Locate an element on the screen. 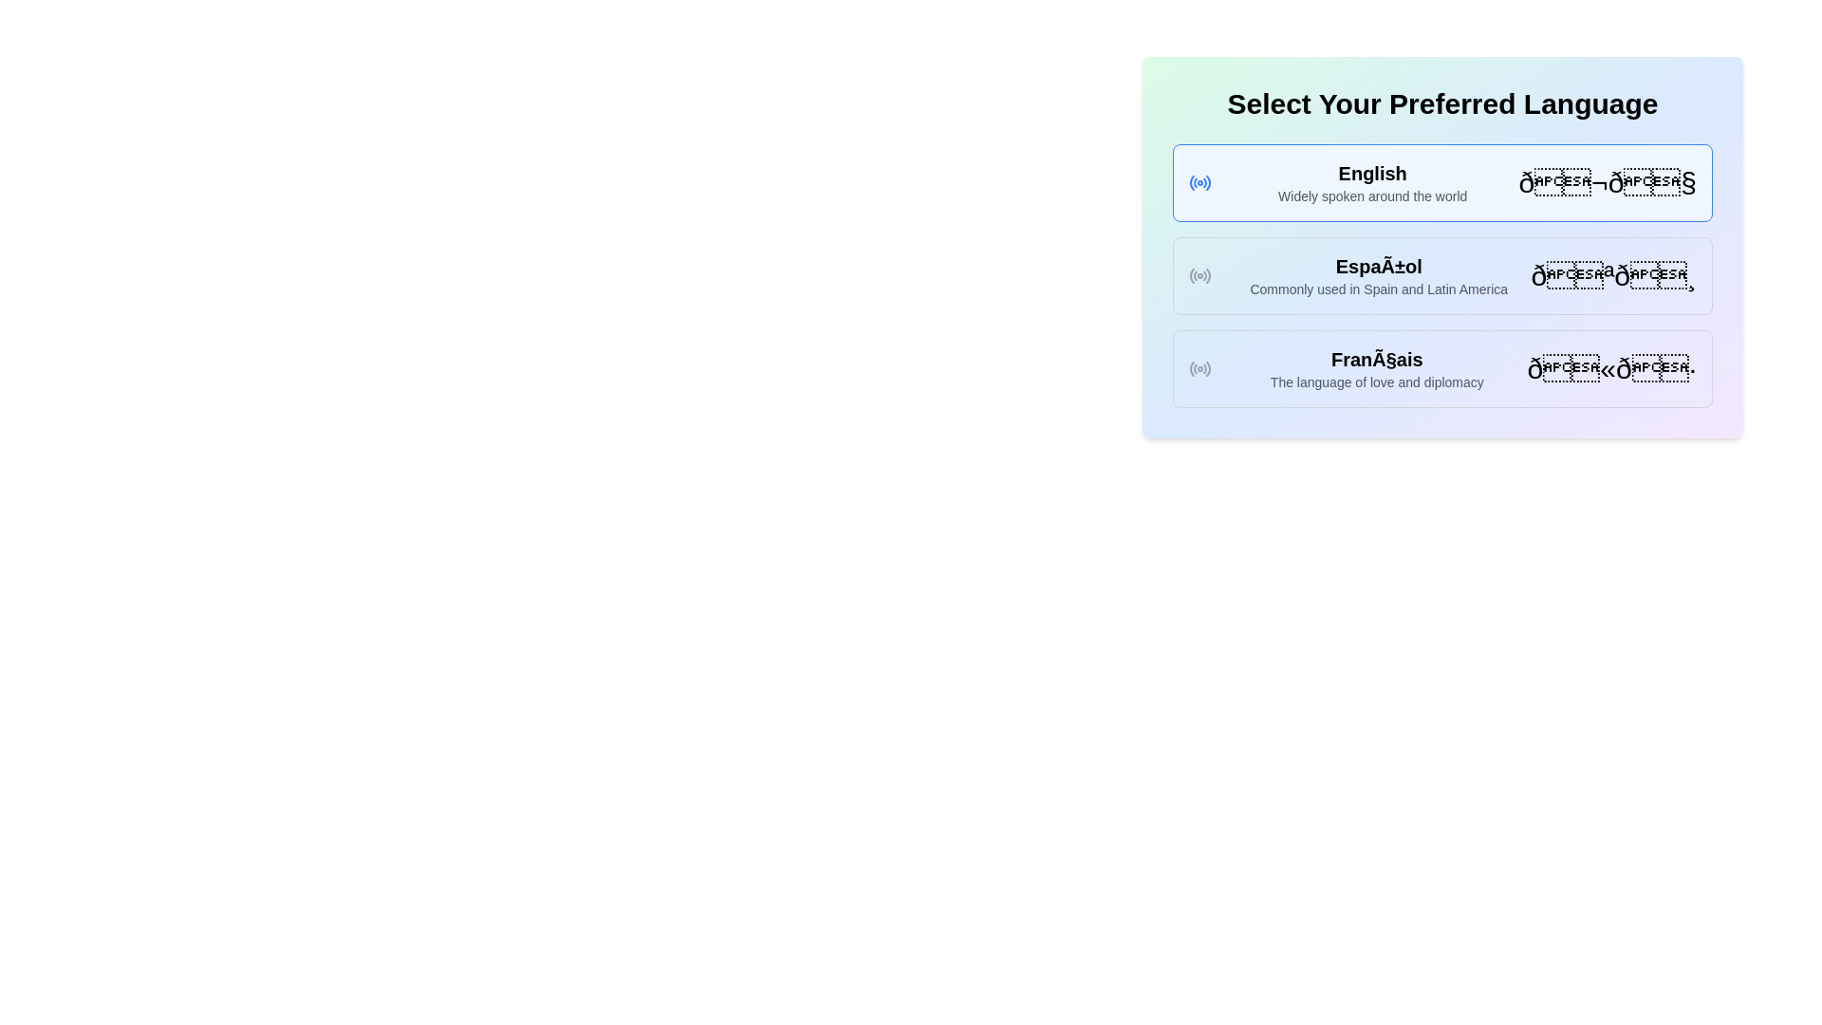 The width and height of the screenshot is (1822, 1025). the radio wave icon located to the left of the 'Español' button in the language selection list is located at coordinates (1199, 275).